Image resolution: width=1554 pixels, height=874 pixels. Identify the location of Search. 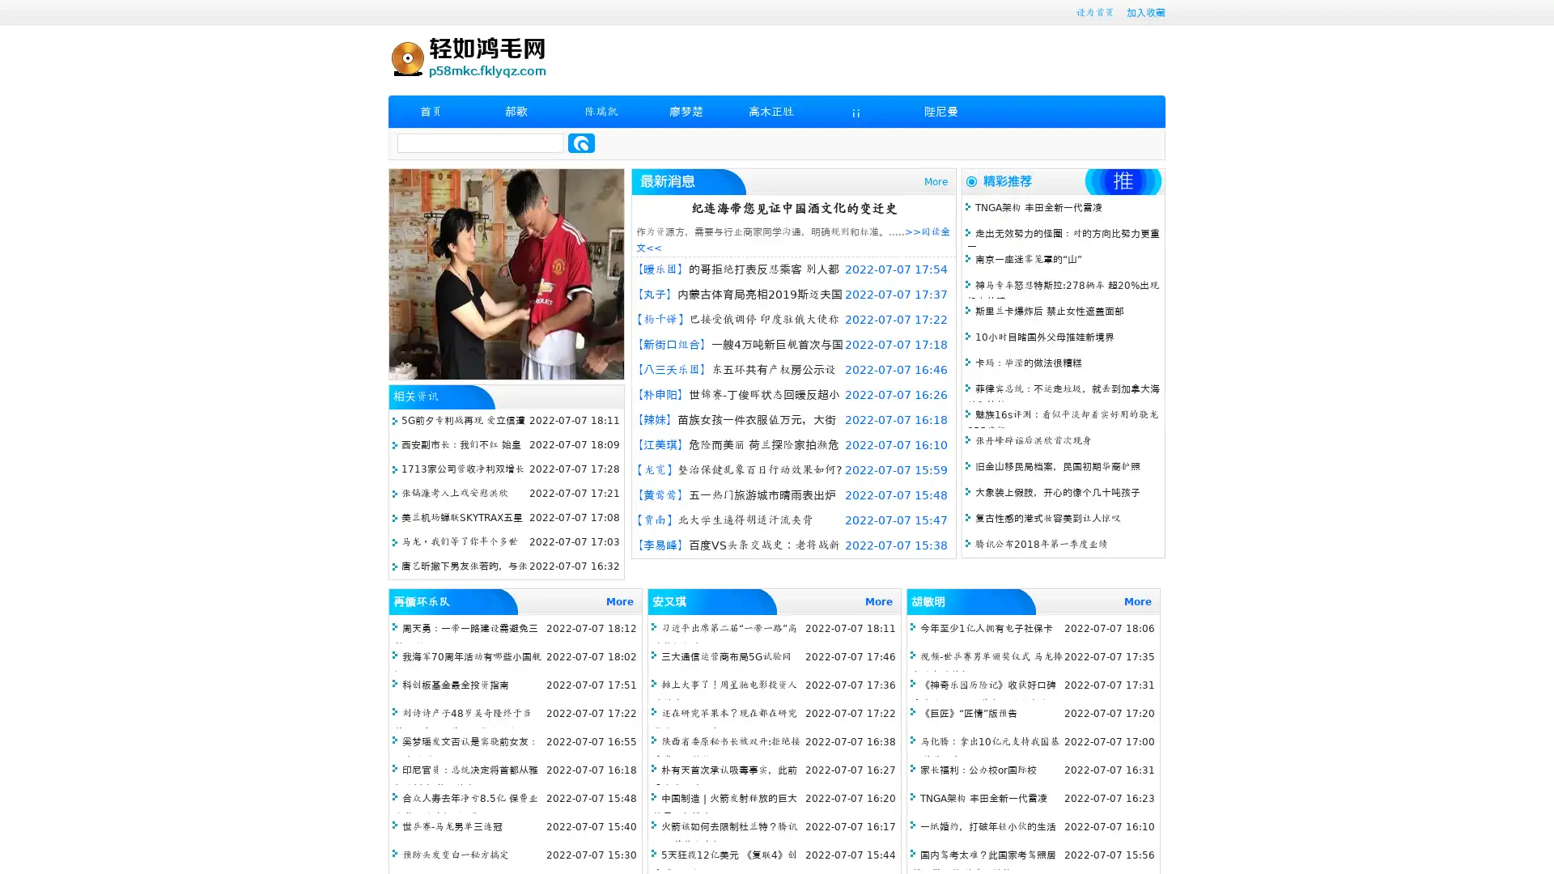
(581, 142).